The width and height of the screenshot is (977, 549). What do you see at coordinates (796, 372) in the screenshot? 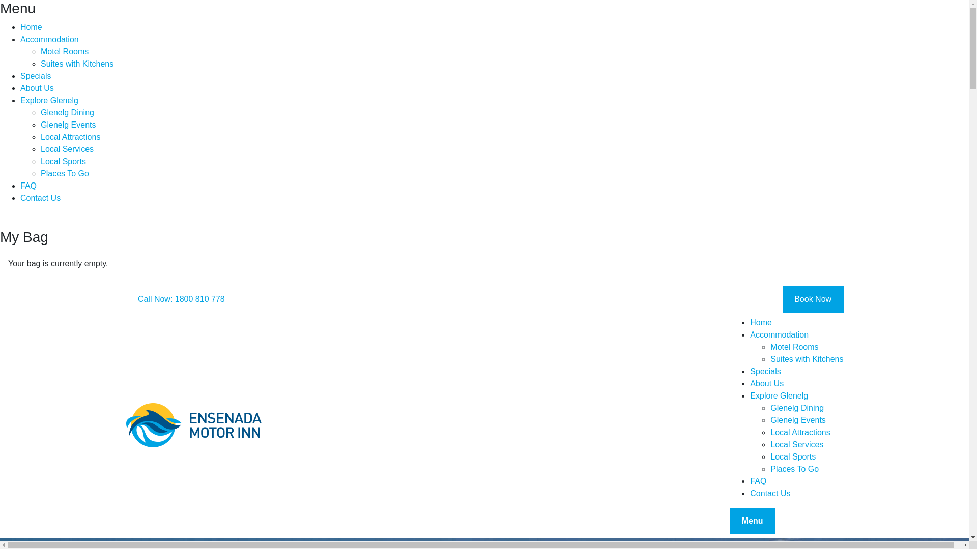
I see `'Specials'` at bounding box center [796, 372].